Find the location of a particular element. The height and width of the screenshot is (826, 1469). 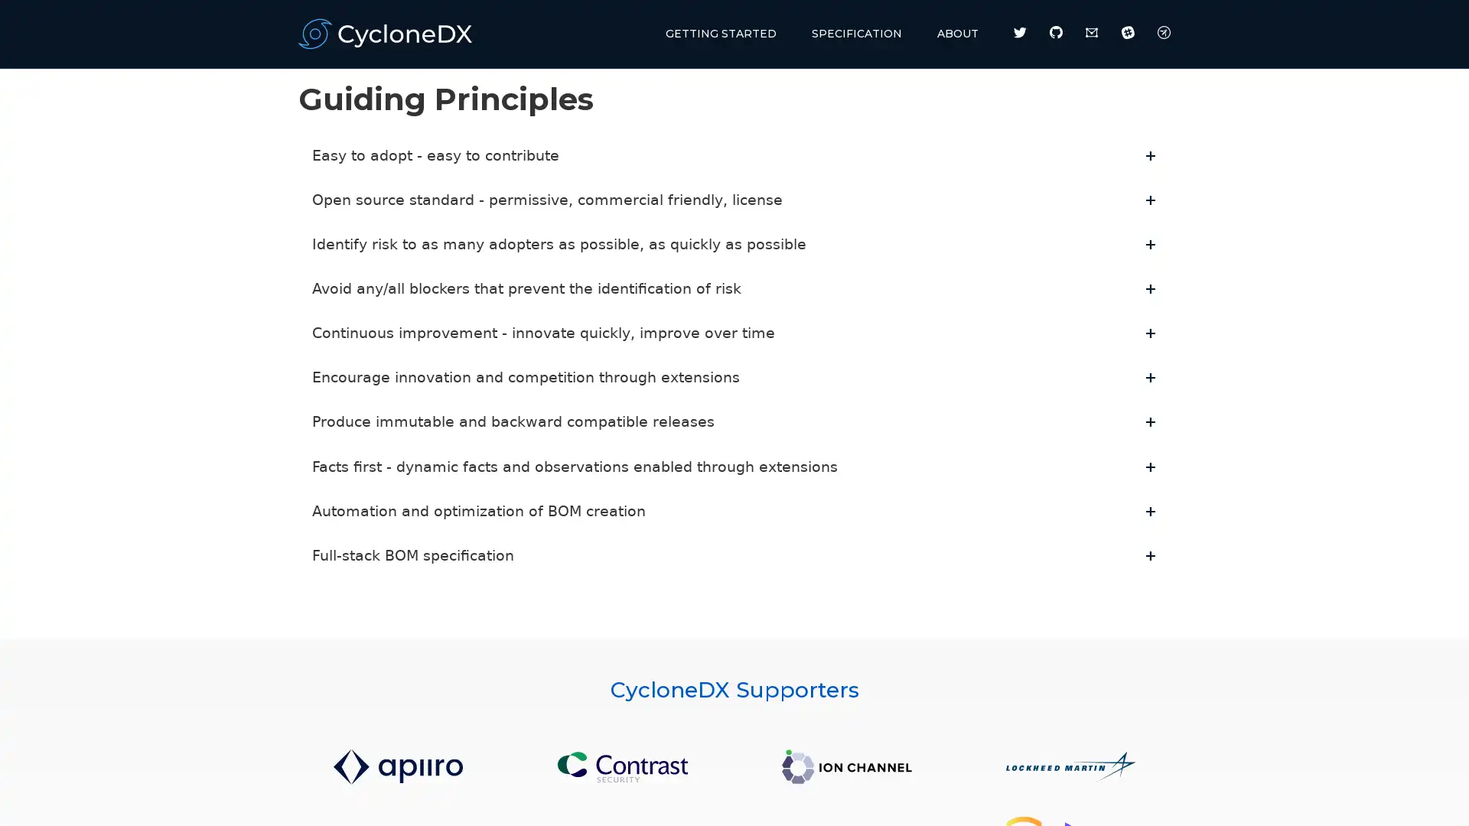

Open source standard - permissive, commercial friendly, license + is located at coordinates (734, 200).